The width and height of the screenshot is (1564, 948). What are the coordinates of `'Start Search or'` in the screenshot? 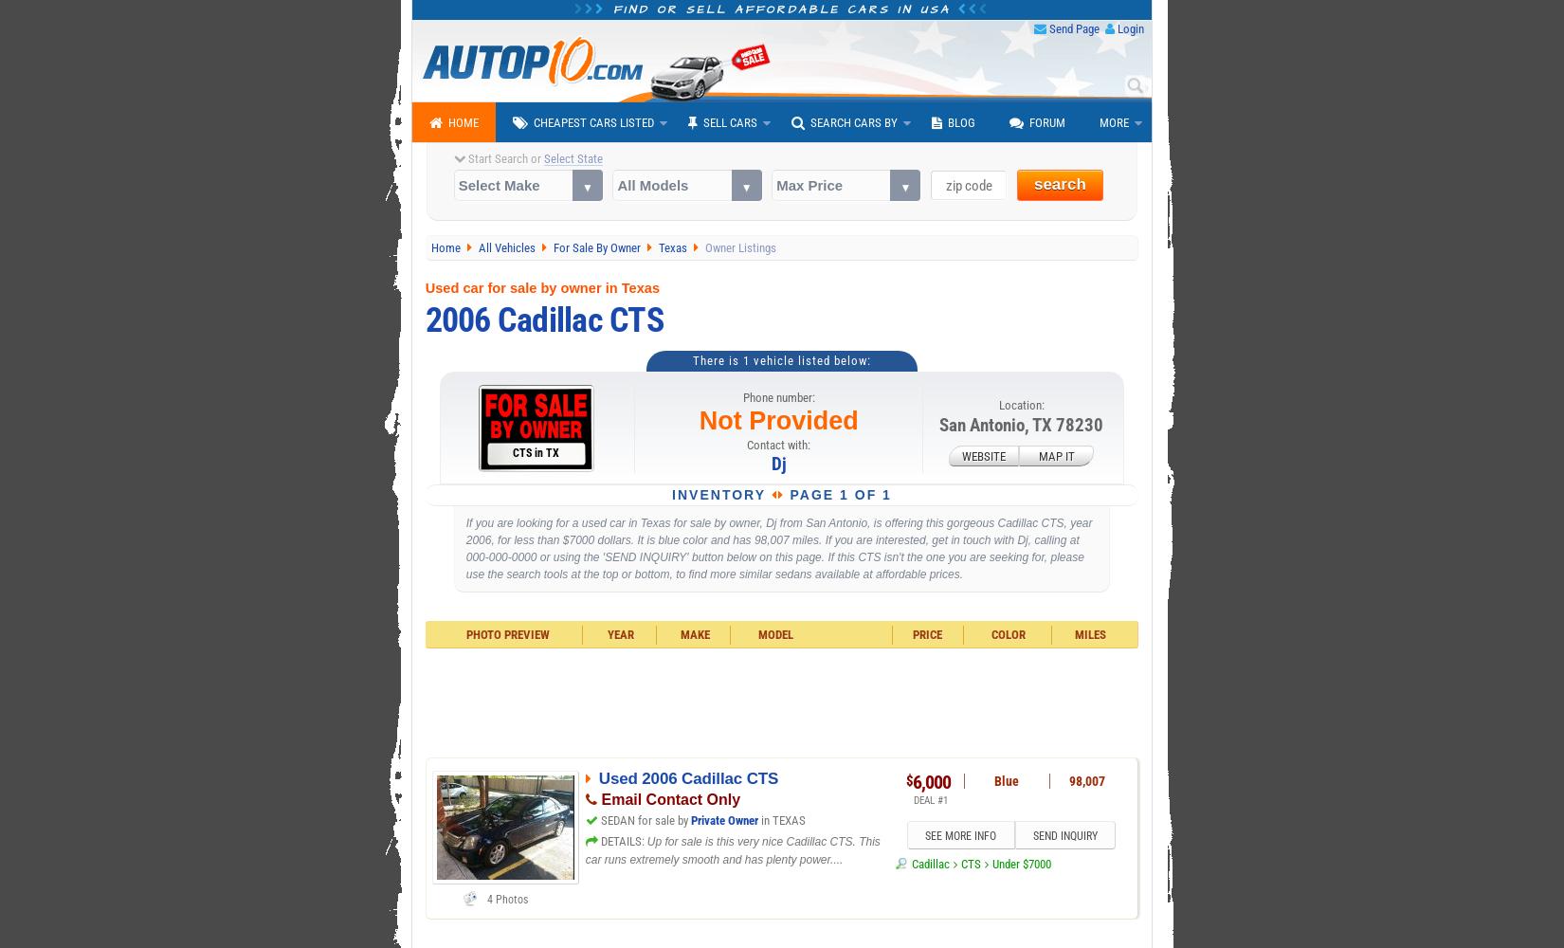 It's located at (502, 157).